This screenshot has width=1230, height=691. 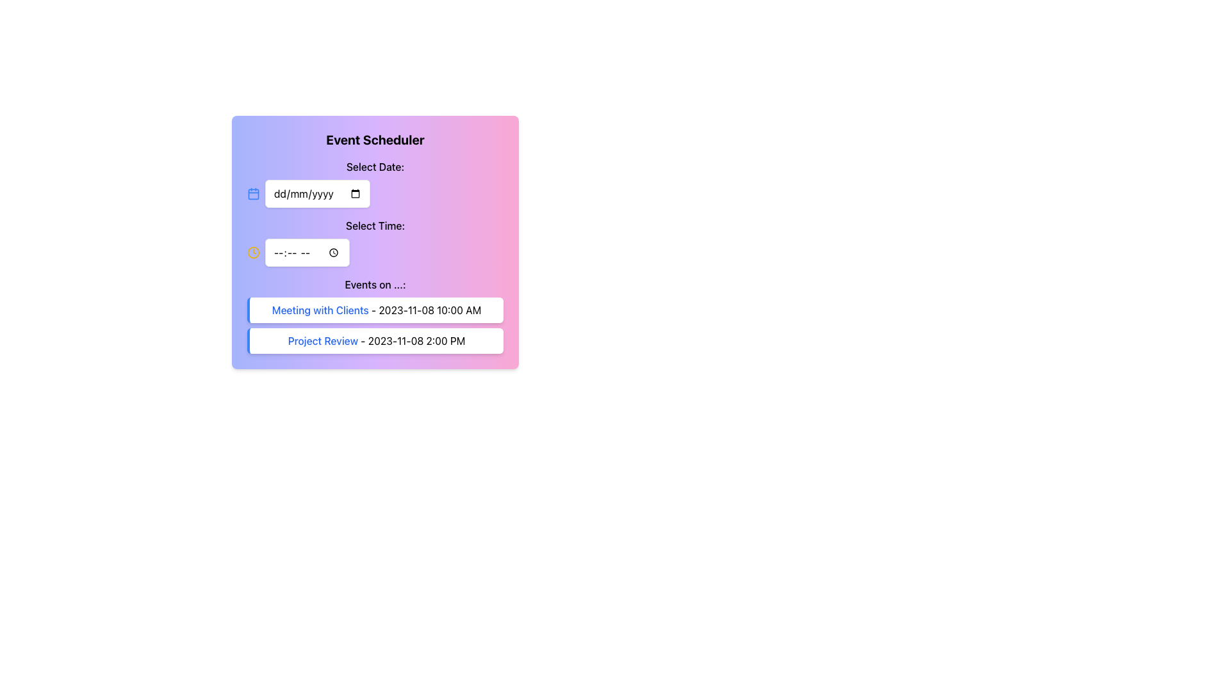 What do you see at coordinates (374, 325) in the screenshot?
I see `the second event entry in the list titled 'Project Review - 2023-11-08 2:00 PM' by clicking on it` at bounding box center [374, 325].